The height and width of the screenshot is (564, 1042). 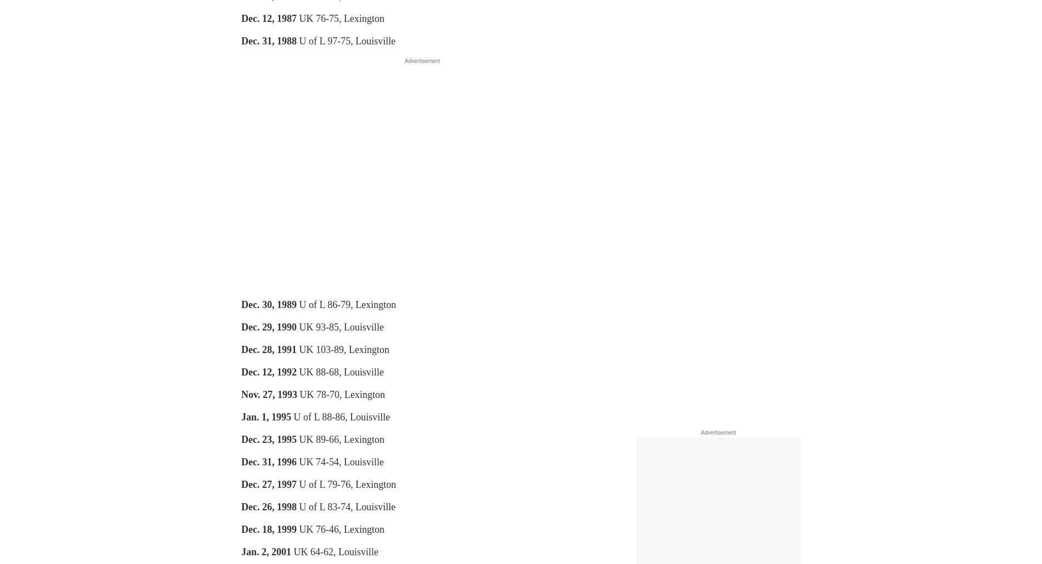 What do you see at coordinates (346, 506) in the screenshot?
I see `'U of L 83-74, Louisville'` at bounding box center [346, 506].